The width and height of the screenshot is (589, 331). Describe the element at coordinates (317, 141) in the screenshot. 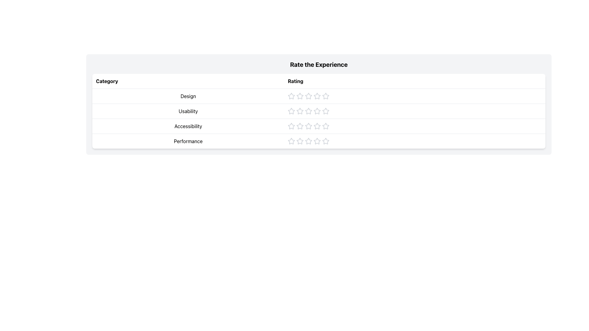

I see `the fourth star in the 'Performance' rating section of the 'Rate the Experience' table` at that location.